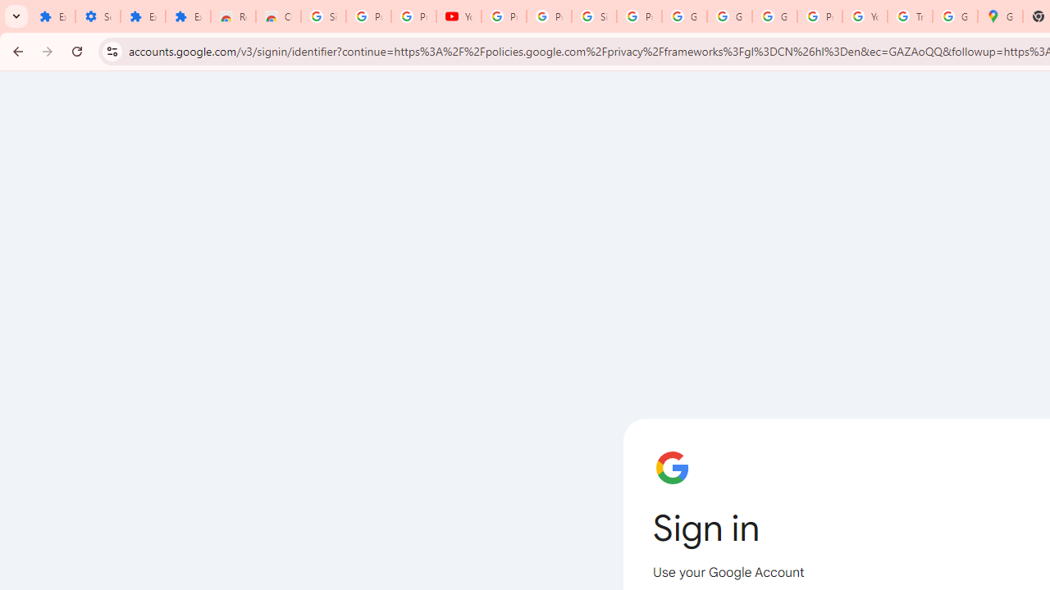 This screenshot has width=1050, height=590. I want to click on 'YouTube', so click(459, 16).